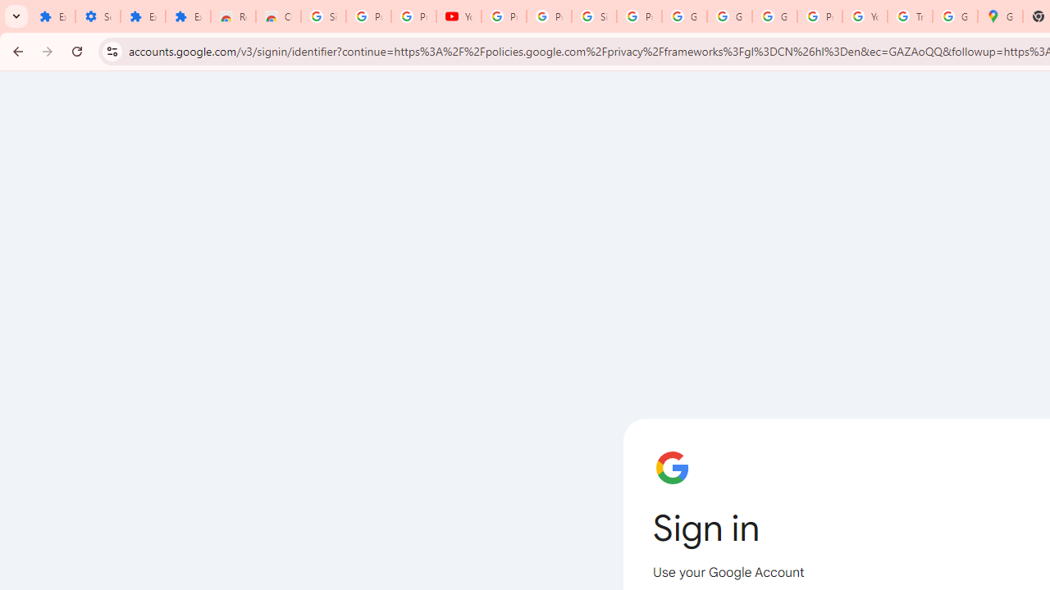 This screenshot has width=1050, height=590. I want to click on 'YouTube', so click(459, 16).